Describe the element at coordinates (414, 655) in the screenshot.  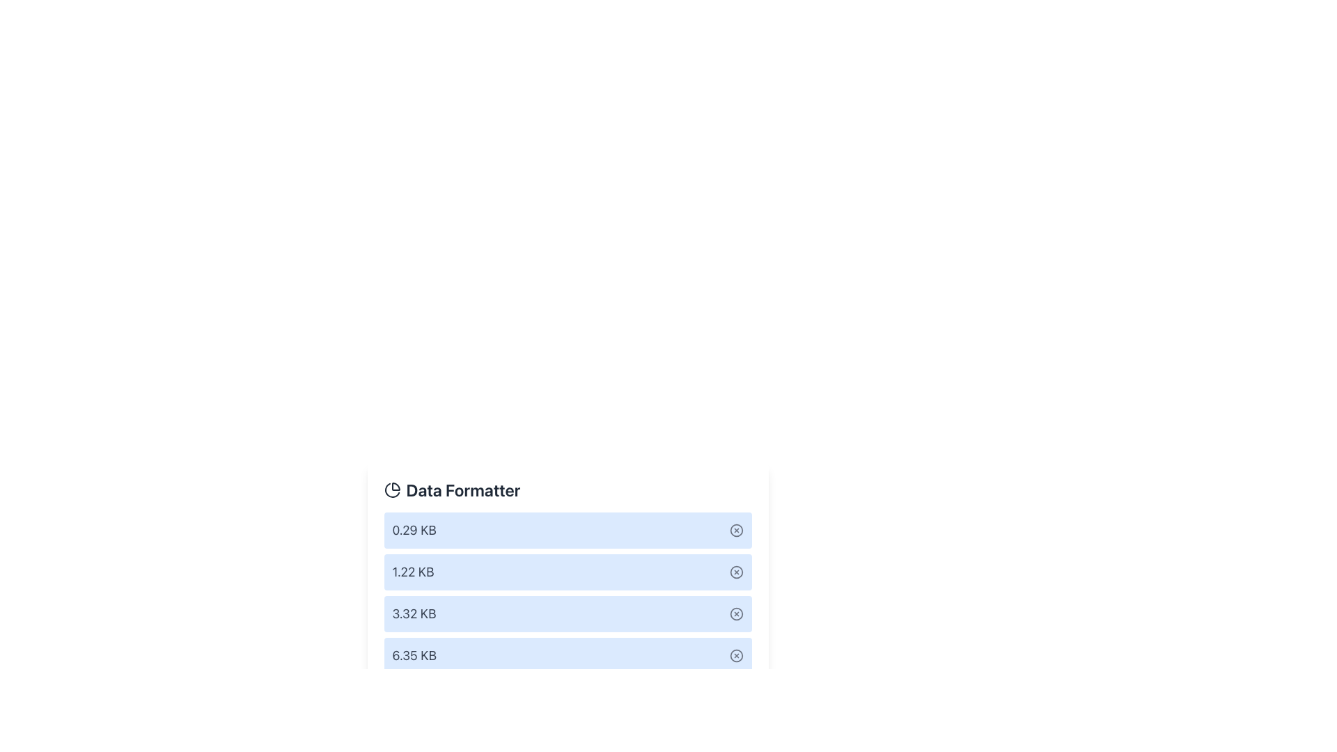
I see `the text label displaying the data size value` at that location.